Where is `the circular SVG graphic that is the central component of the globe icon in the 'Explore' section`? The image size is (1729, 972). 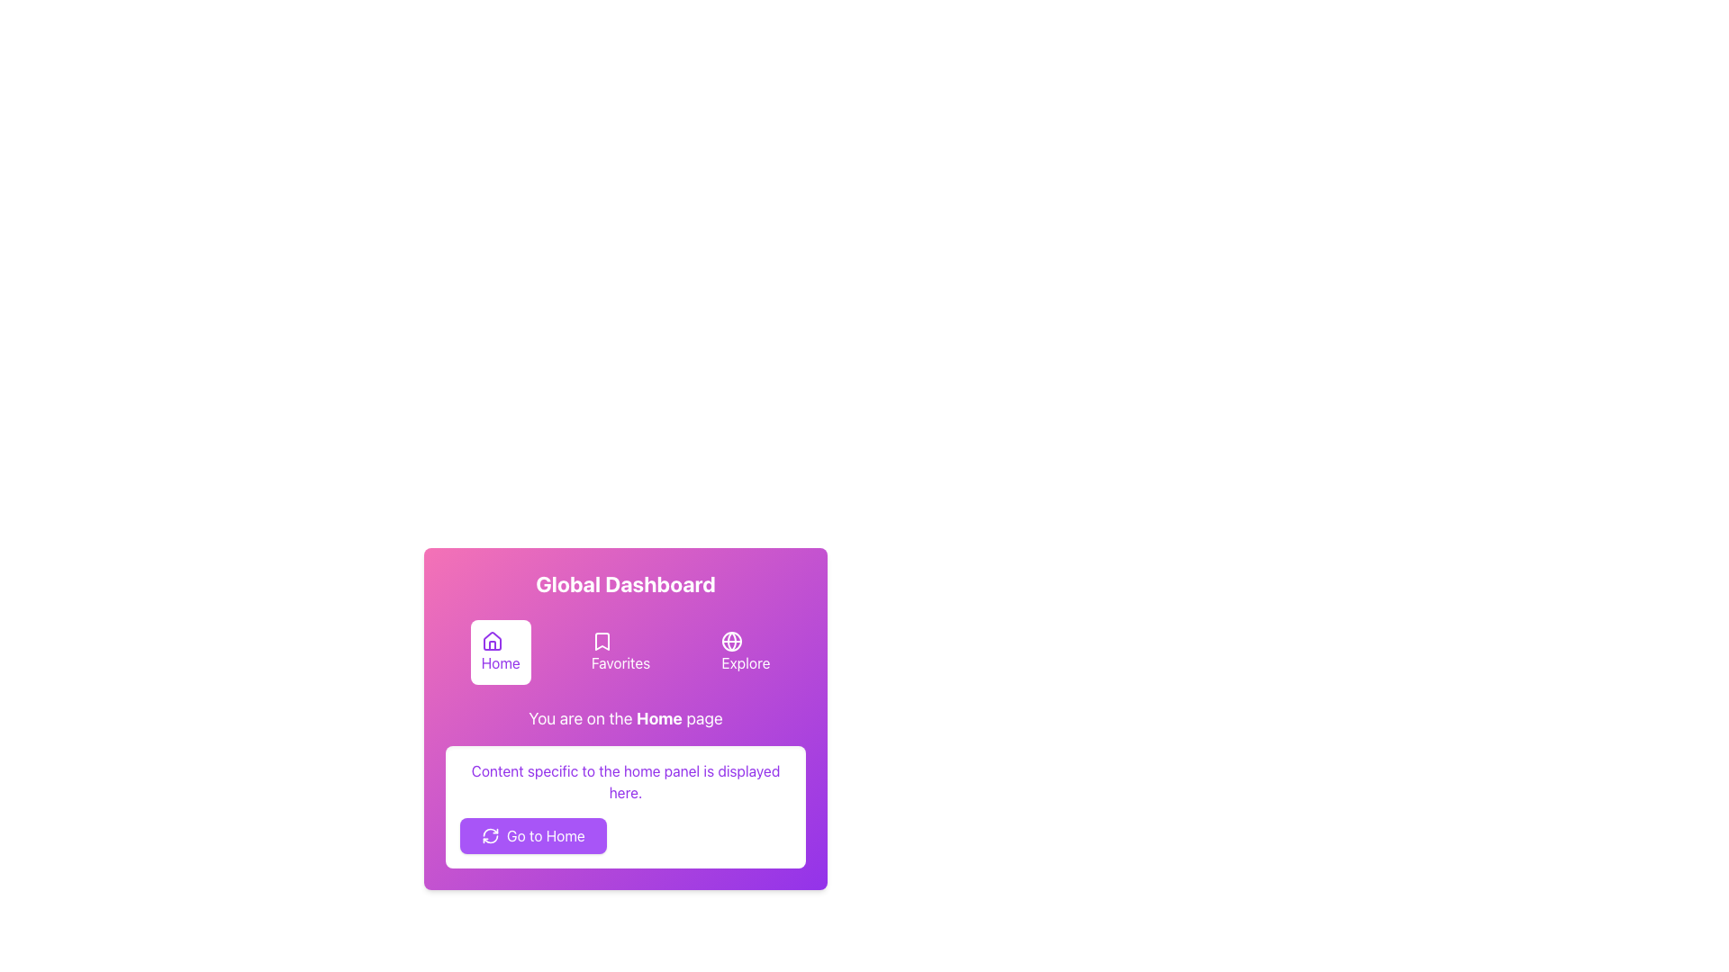
the circular SVG graphic that is the central component of the globe icon in the 'Explore' section is located at coordinates (732, 641).